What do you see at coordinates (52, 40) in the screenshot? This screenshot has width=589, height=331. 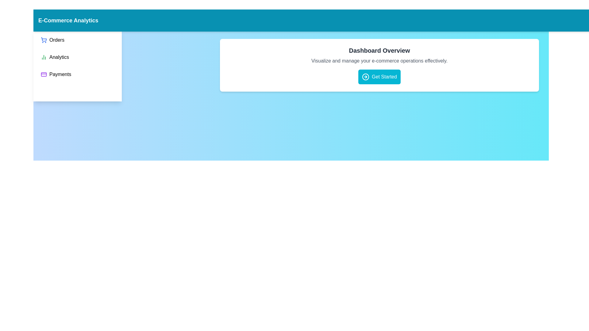 I see `the 'Orders' menu item, which features a blue outlined shopping cart icon and black text, located at the top of the sidebar navigation panel` at bounding box center [52, 40].